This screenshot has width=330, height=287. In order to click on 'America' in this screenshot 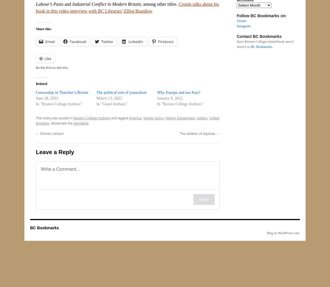, I will do `click(135, 118)`.